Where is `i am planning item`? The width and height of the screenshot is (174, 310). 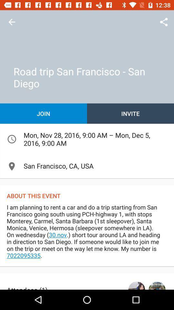 i am planning item is located at coordinates (87, 234).